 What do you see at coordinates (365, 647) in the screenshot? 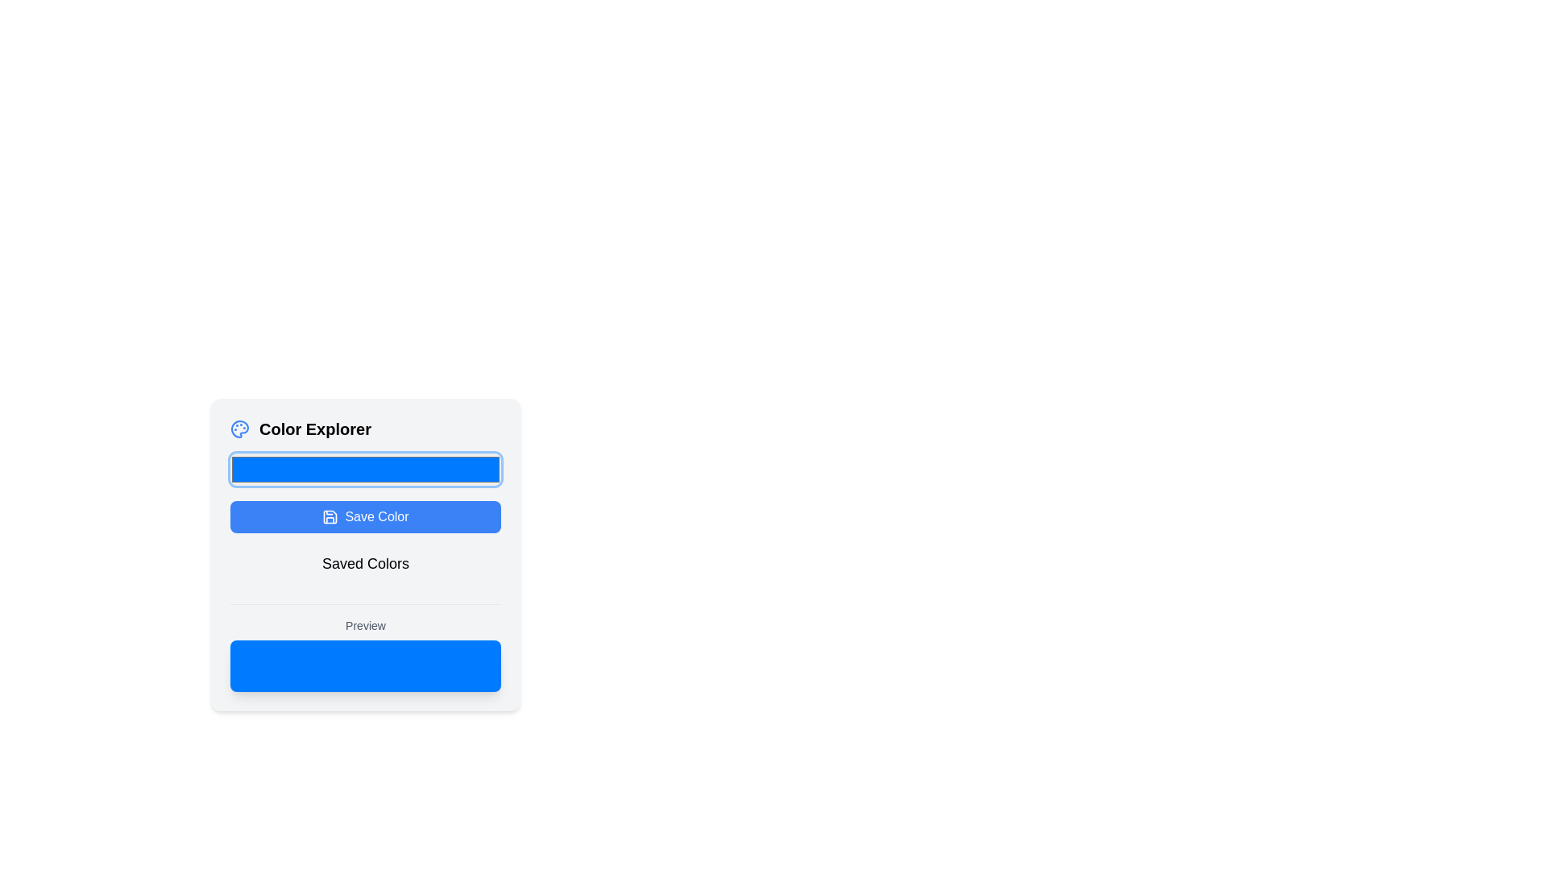
I see `the static display area with a blue background labeled 'Preview' located at the bottom of the 'Color Explorer' interface` at bounding box center [365, 647].